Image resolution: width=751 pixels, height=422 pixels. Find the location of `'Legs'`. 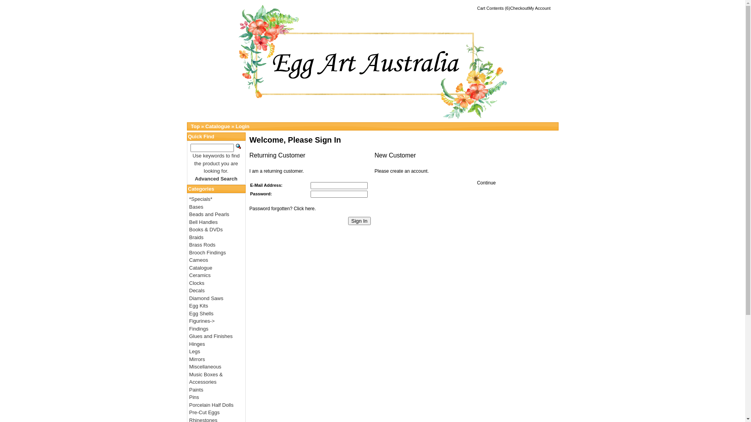

'Legs' is located at coordinates (195, 351).